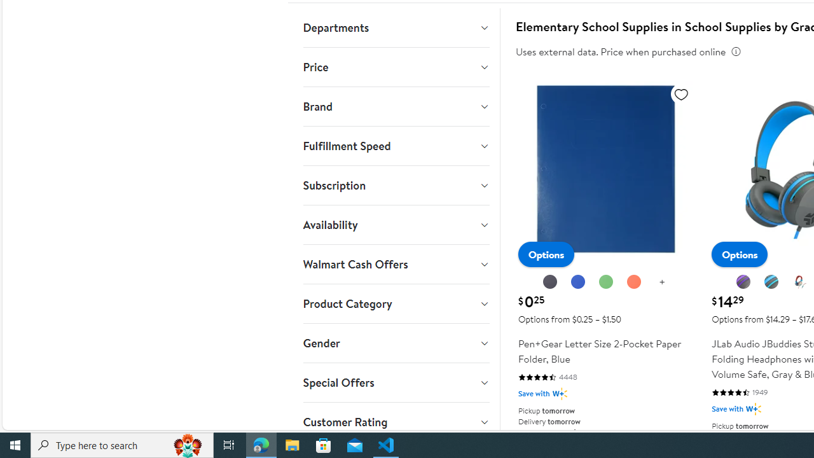 The width and height of the screenshot is (814, 458). Describe the element at coordinates (395, 185) in the screenshot. I see `'Subscription'` at that location.